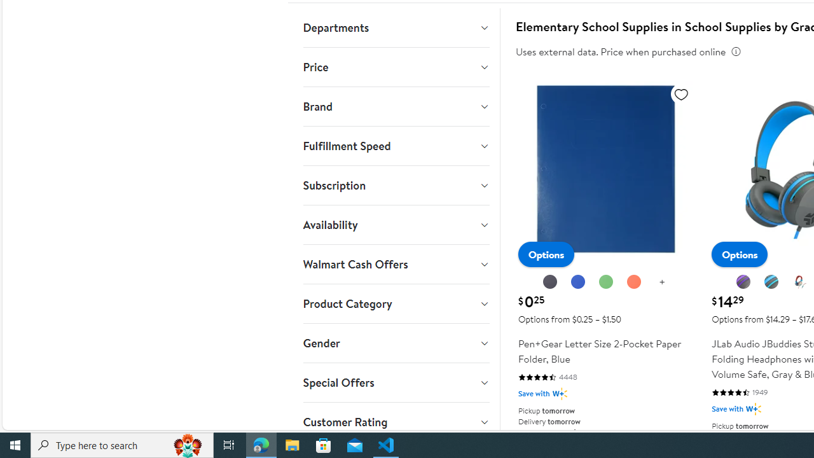 The width and height of the screenshot is (814, 458). Describe the element at coordinates (395, 185) in the screenshot. I see `'Subscription'` at that location.